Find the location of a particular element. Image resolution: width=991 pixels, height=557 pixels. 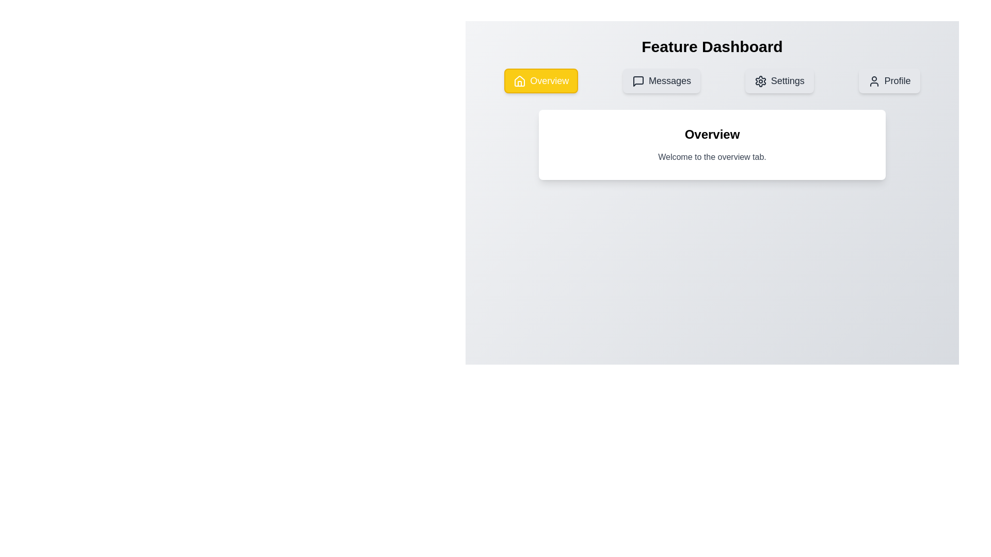

the Overview tab by clicking the corresponding navigation button is located at coordinates (540, 80).